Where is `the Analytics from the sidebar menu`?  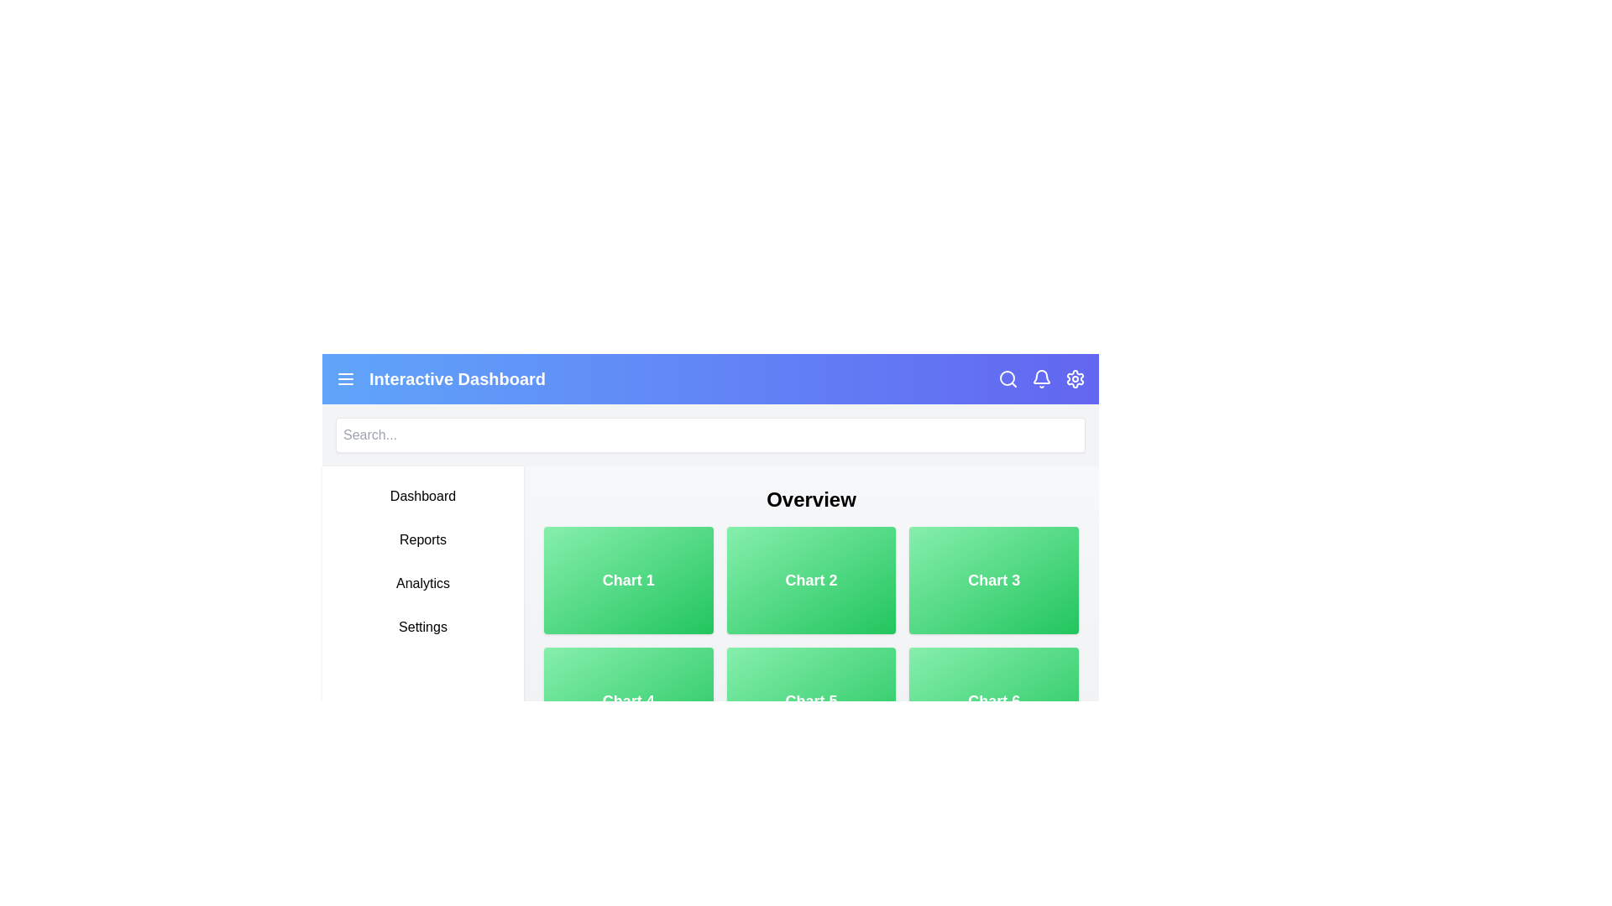
the Analytics from the sidebar menu is located at coordinates (423, 582).